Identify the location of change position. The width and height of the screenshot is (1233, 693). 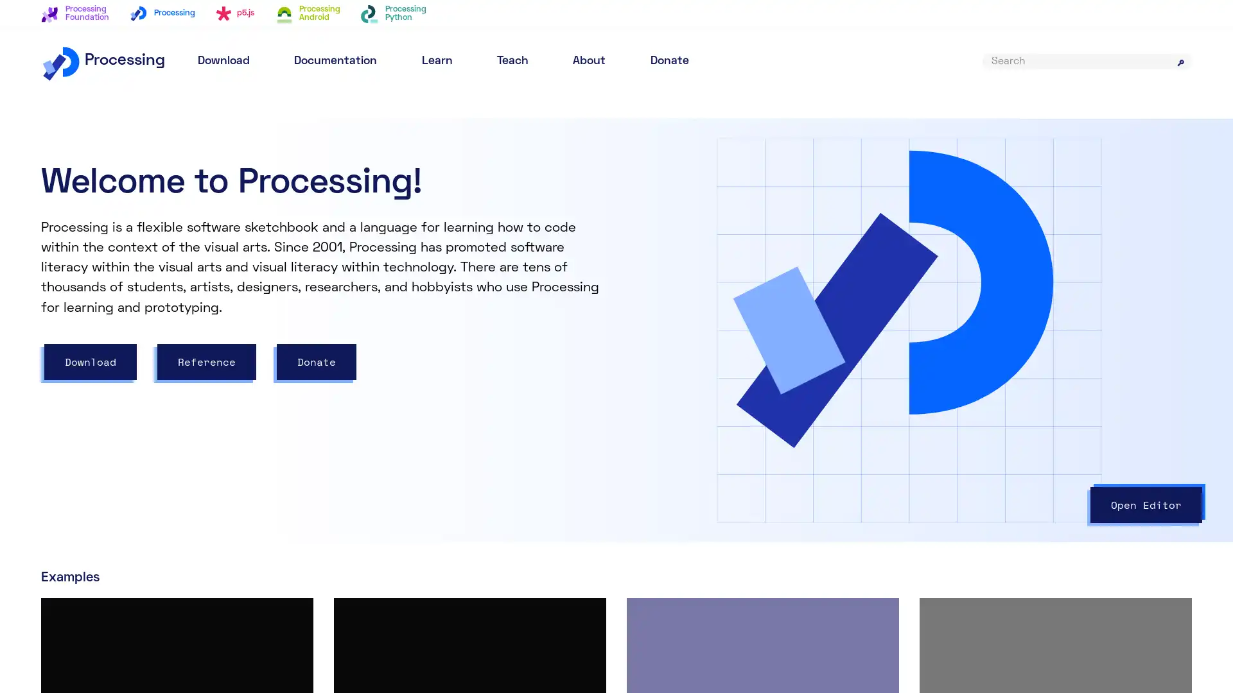
(737, 352).